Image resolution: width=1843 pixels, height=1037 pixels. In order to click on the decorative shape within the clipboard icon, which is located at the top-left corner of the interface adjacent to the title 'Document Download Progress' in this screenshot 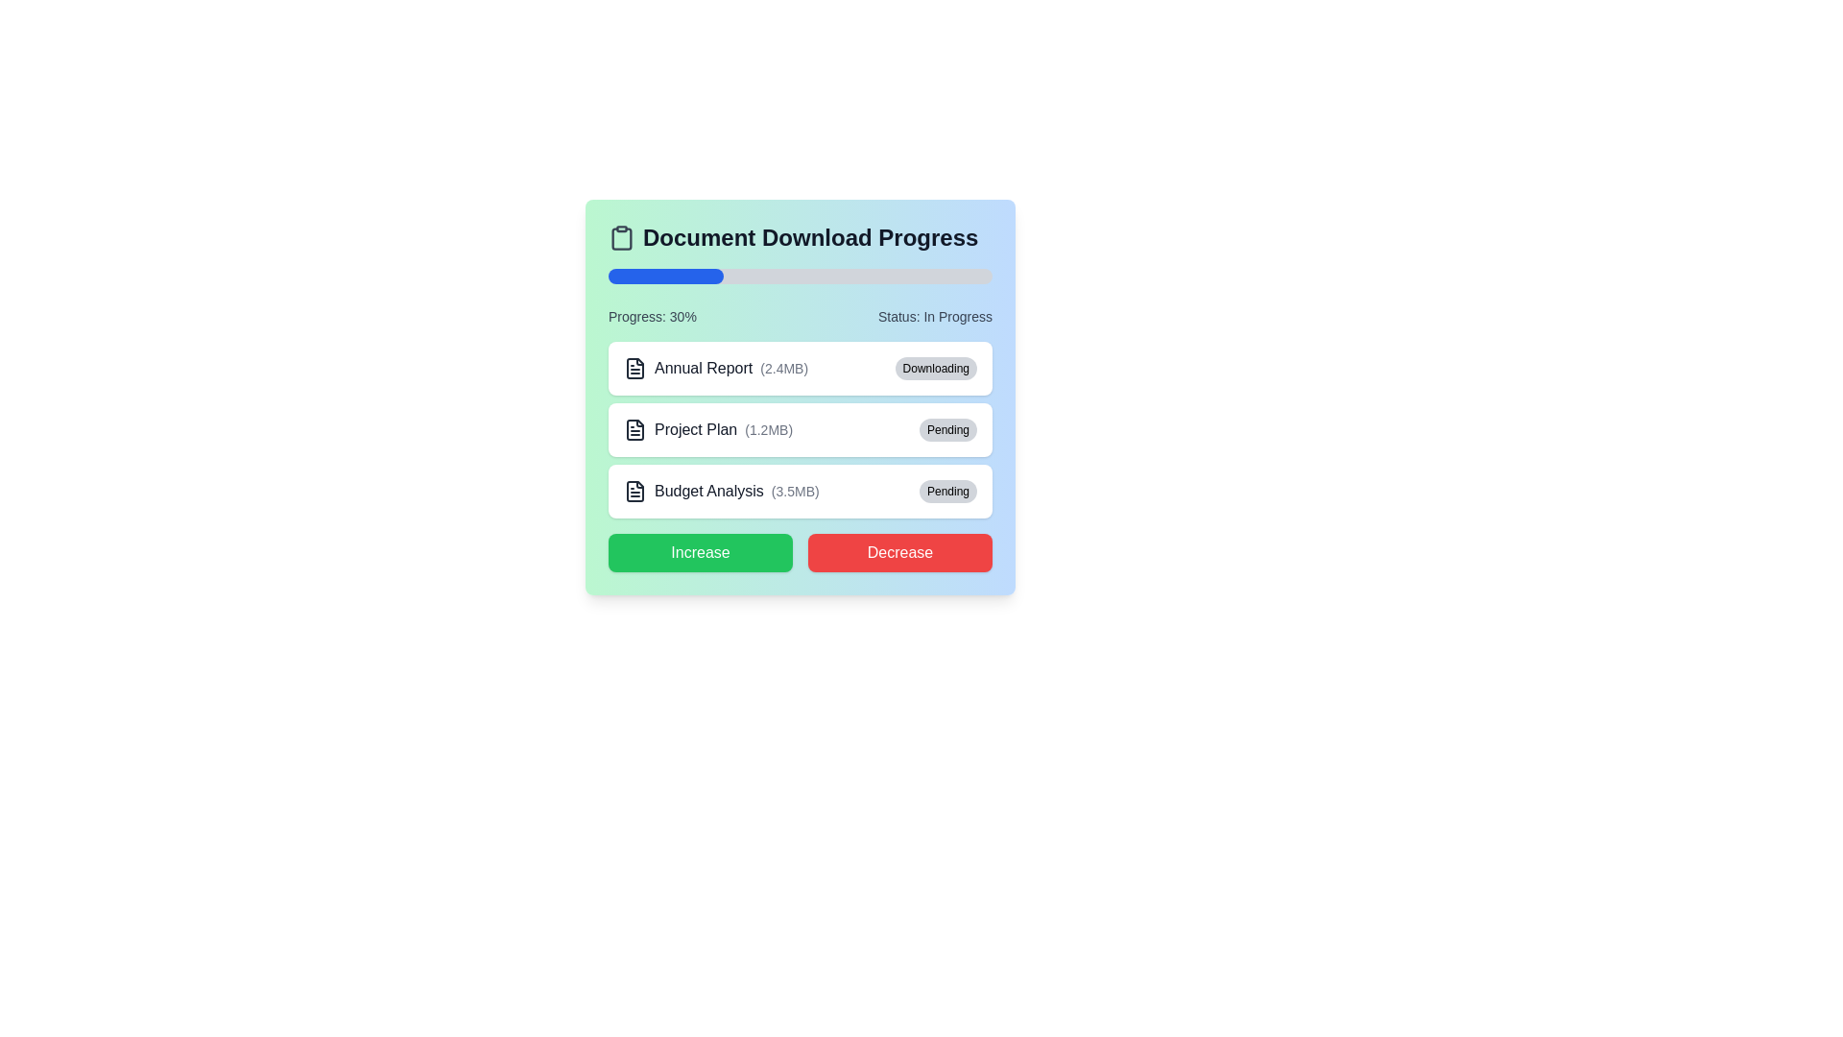, I will do `click(622, 238)`.